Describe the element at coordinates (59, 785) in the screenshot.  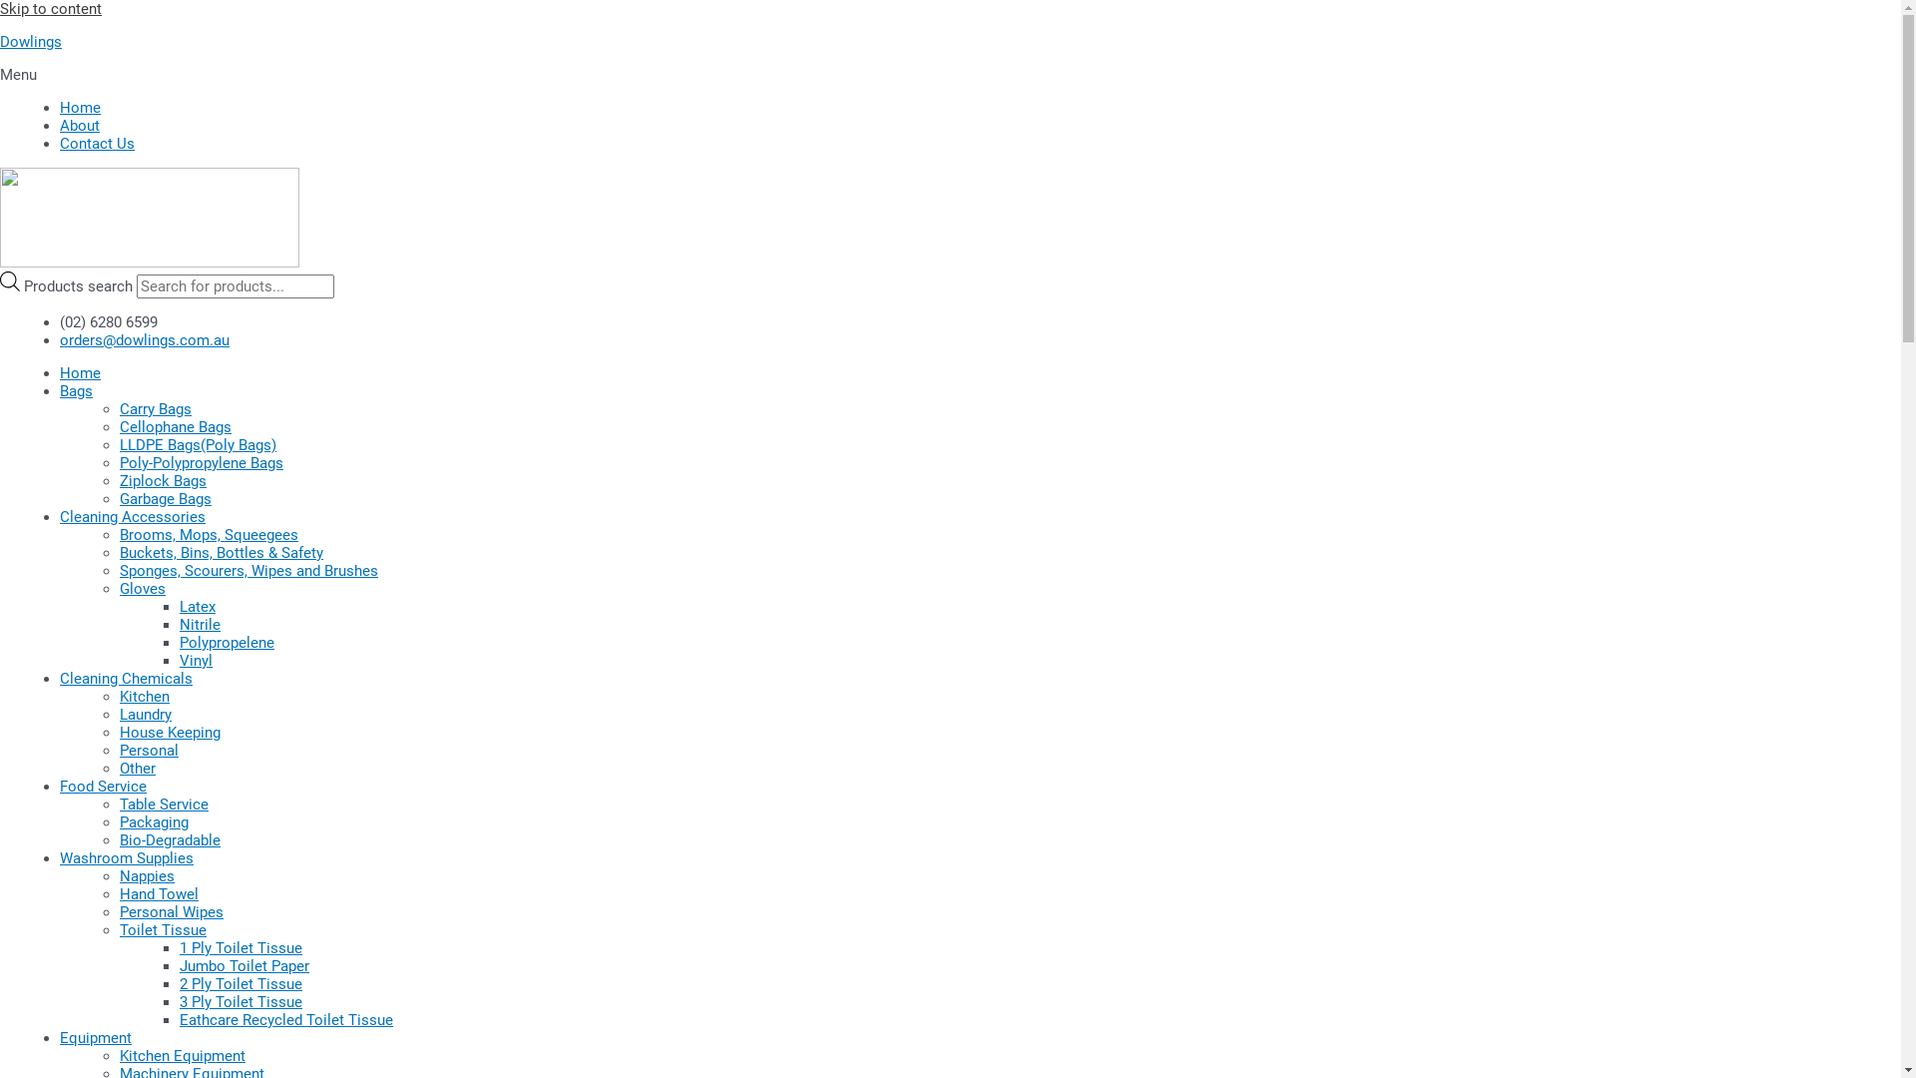
I see `'Food Service'` at that location.